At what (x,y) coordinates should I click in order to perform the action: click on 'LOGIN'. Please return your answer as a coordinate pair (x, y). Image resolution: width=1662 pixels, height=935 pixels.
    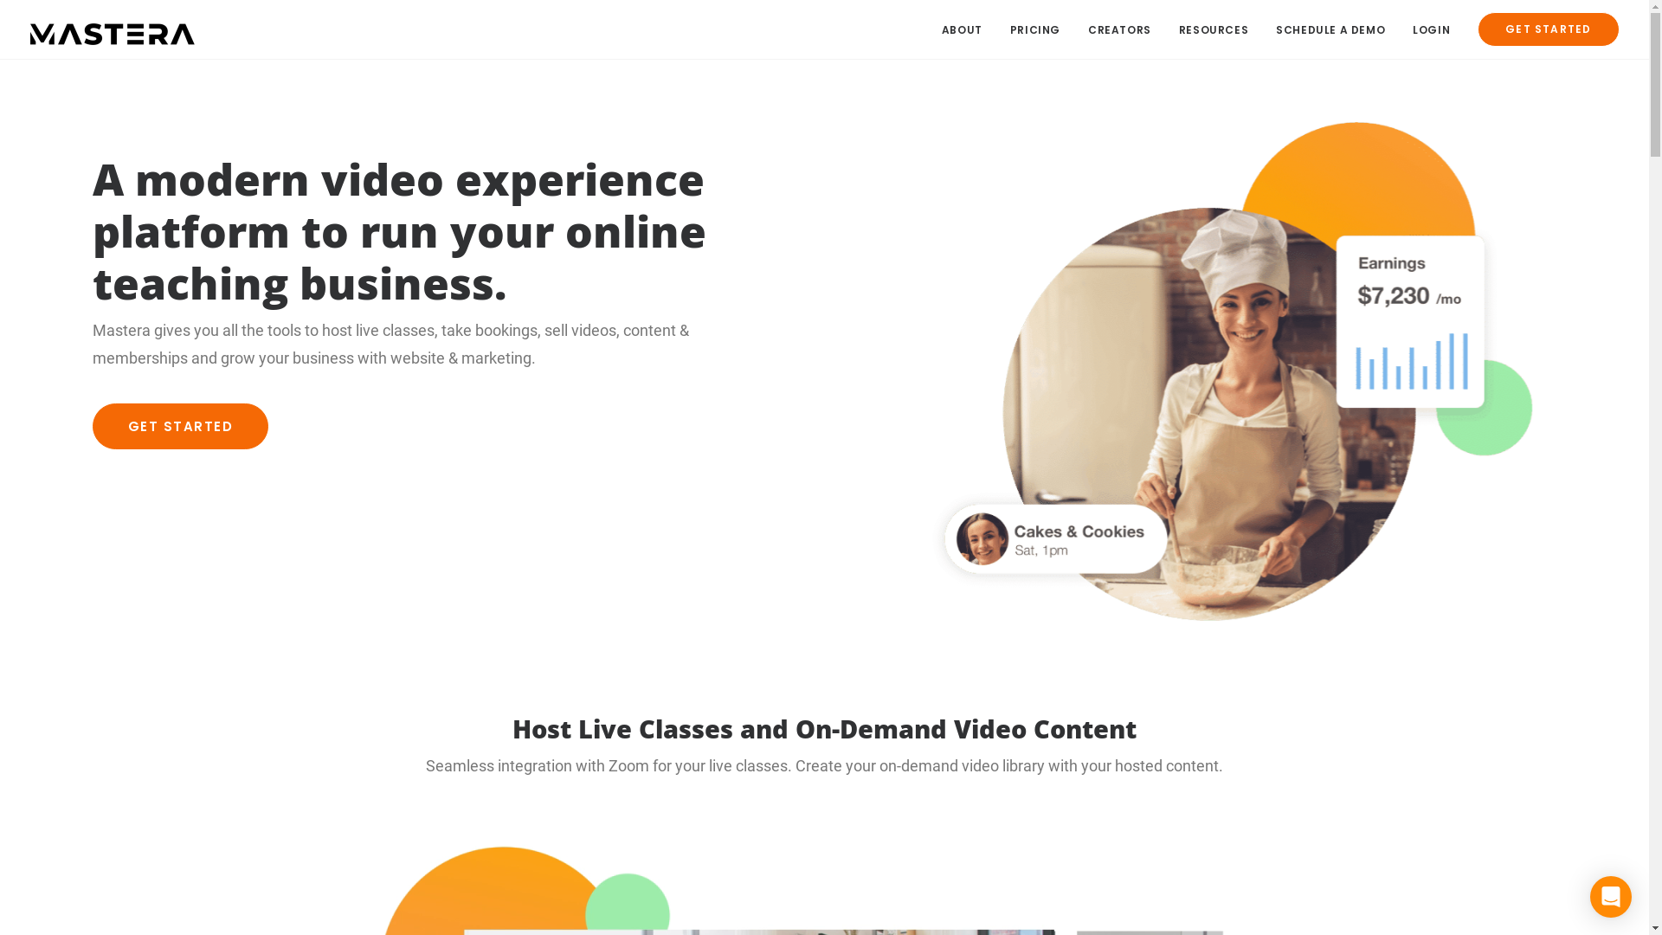
    Looking at the image, I should click on (1400, 29).